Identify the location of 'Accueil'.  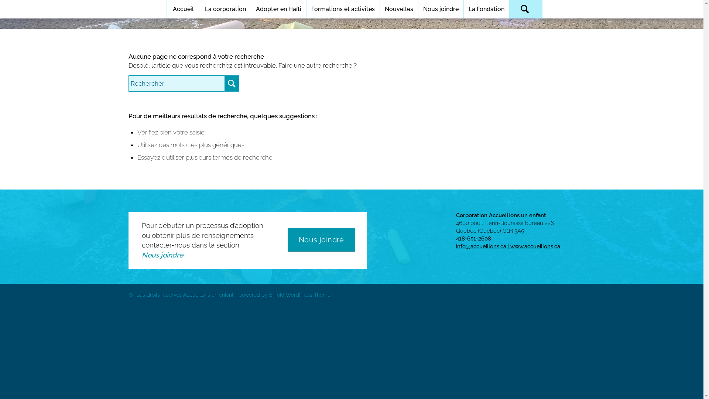
(183, 9).